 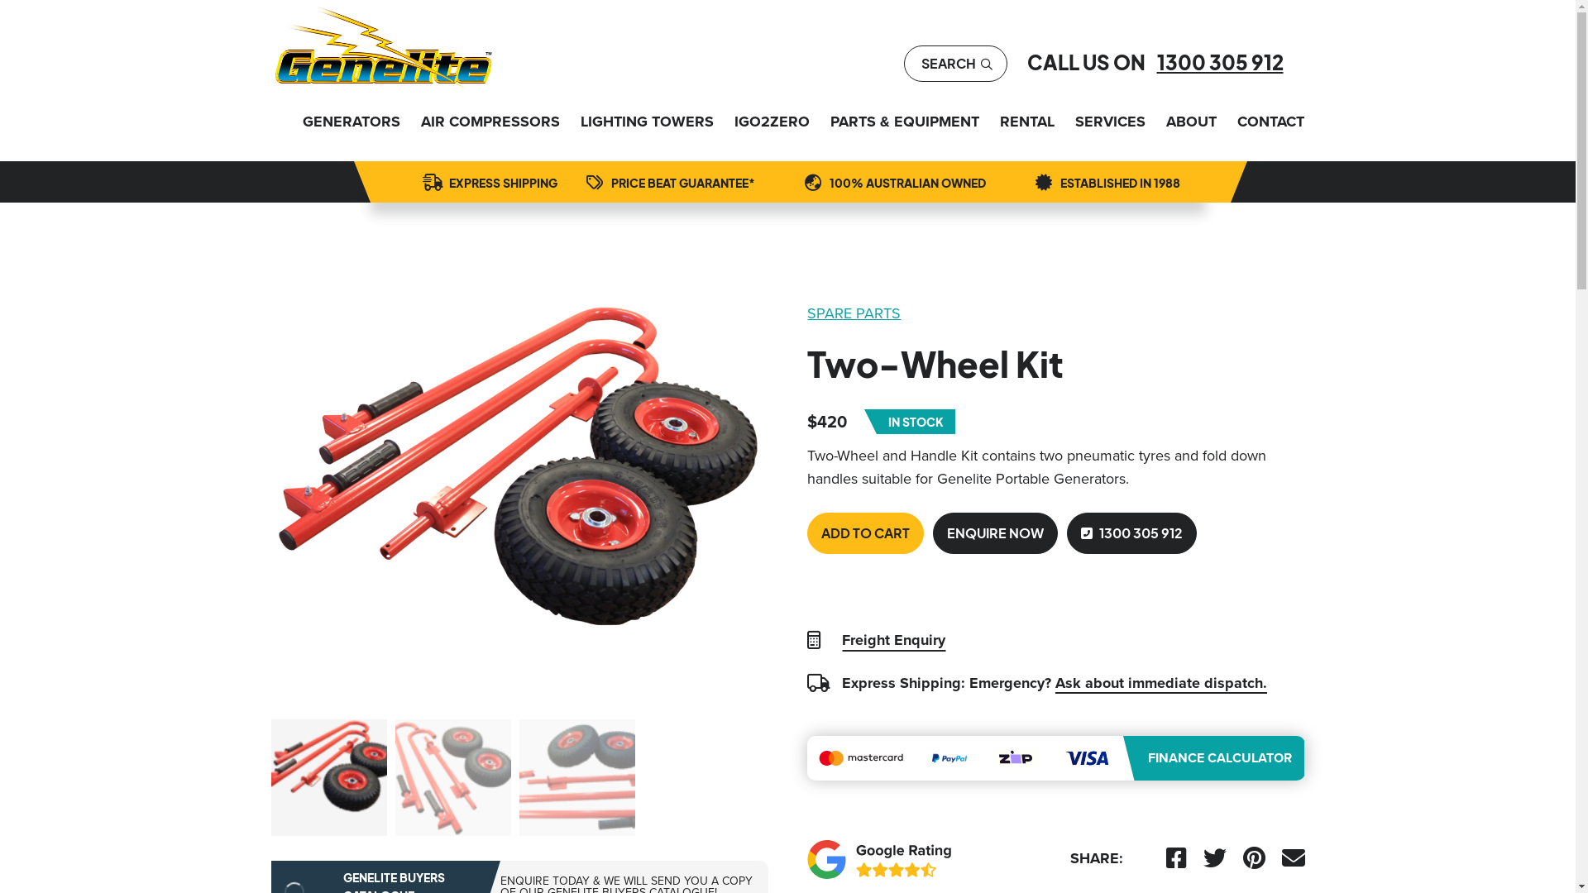 I want to click on 'LIGHTING TOWERS', so click(x=646, y=120).